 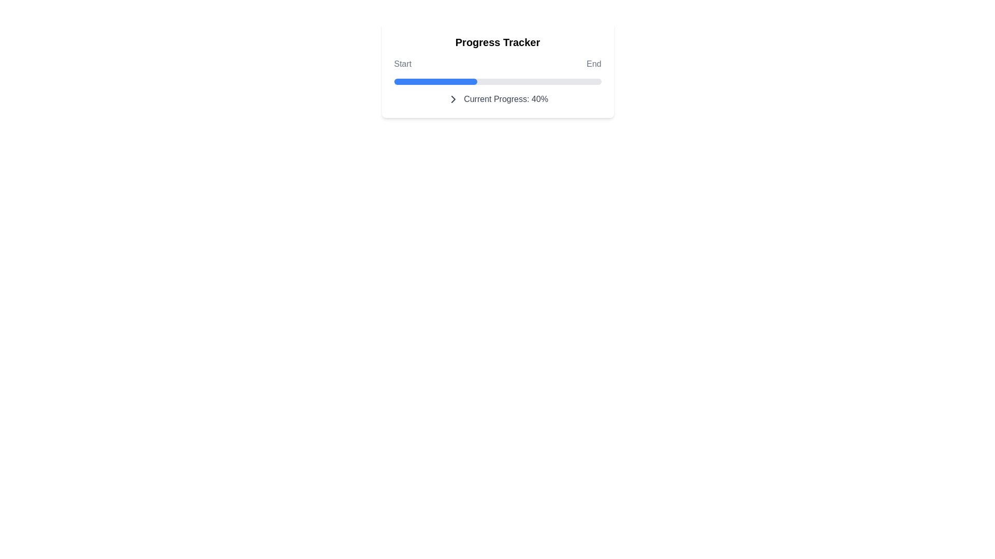 I want to click on the slider to focus it for keyboard interaction, so click(x=601, y=81).